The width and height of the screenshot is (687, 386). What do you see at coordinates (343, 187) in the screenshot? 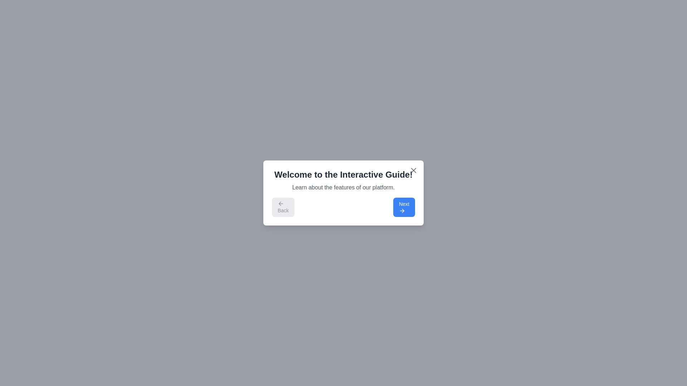
I see `the subtitle text label that provides instructions related to the interactive guide, located below the main title 'Welcome to the Interactive Guide!'` at bounding box center [343, 187].